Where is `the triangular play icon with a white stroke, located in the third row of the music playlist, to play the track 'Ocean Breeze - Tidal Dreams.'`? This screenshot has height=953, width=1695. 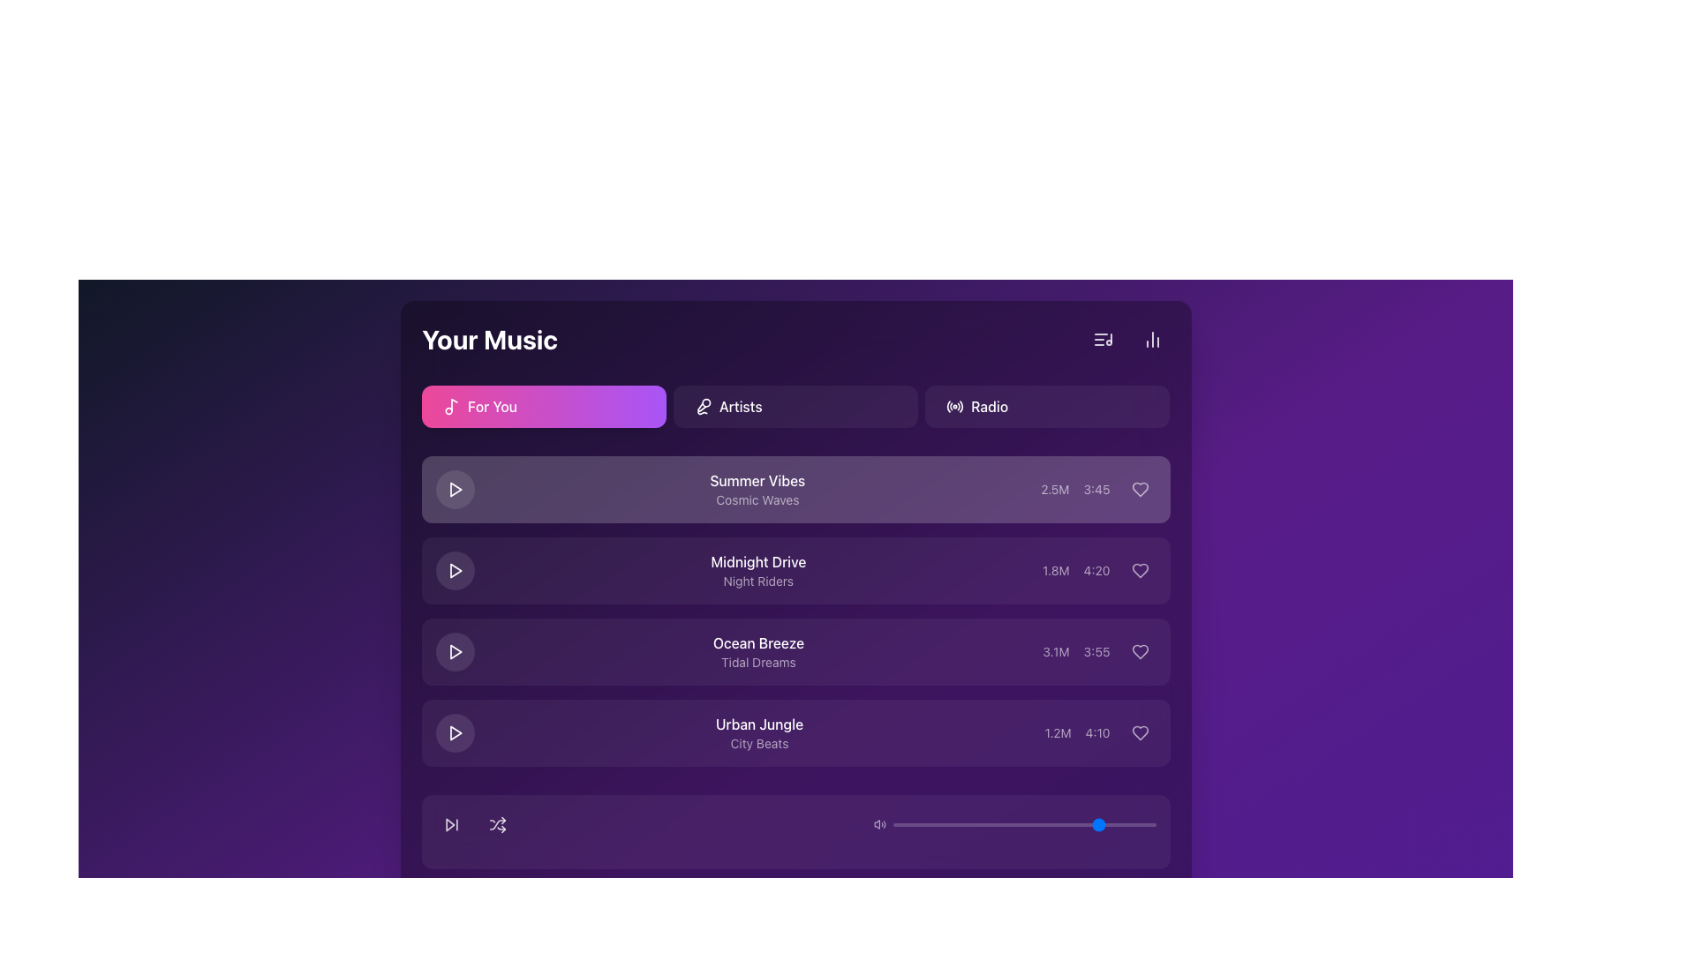 the triangular play icon with a white stroke, located in the third row of the music playlist, to play the track 'Ocean Breeze - Tidal Dreams.' is located at coordinates (455, 652).